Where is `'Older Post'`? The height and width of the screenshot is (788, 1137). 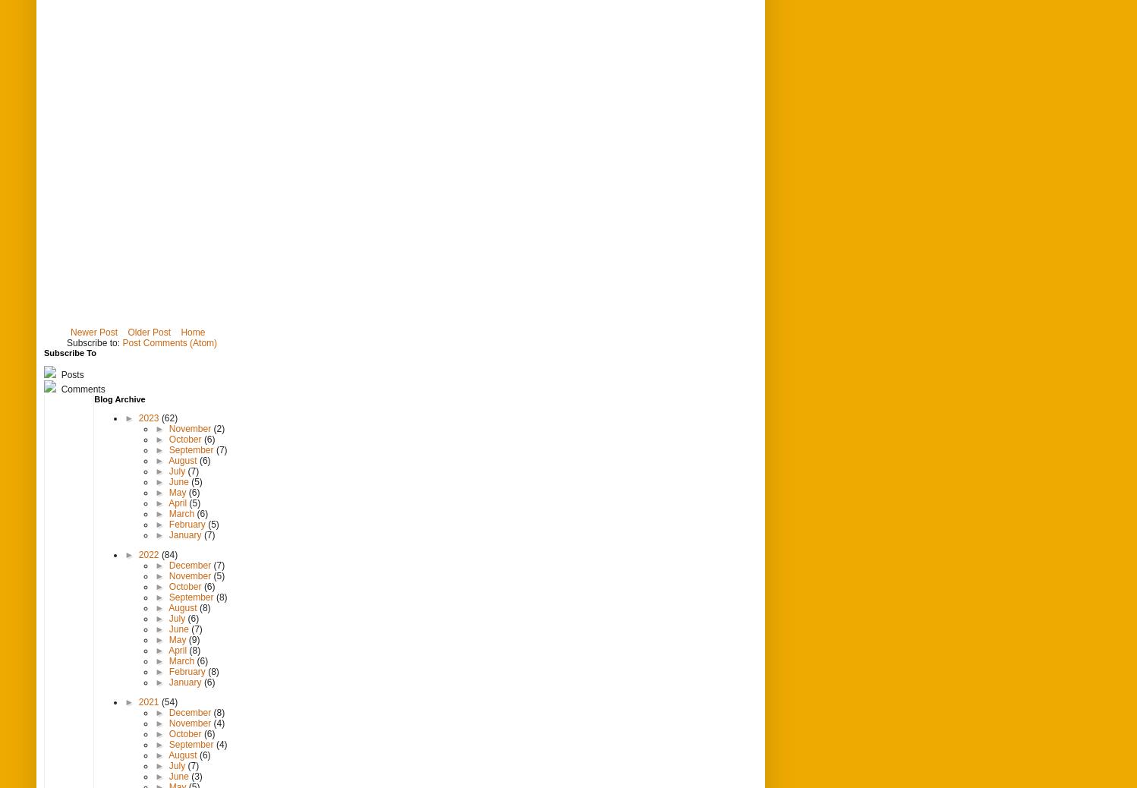
'Older Post' is located at coordinates (148, 331).